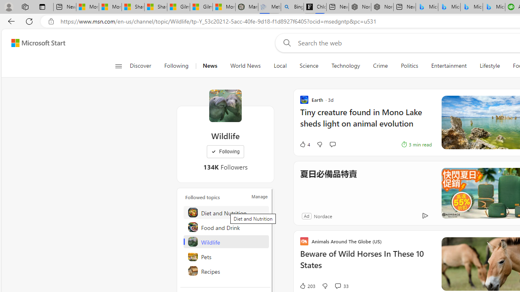  I want to click on 'Science', so click(308, 66).